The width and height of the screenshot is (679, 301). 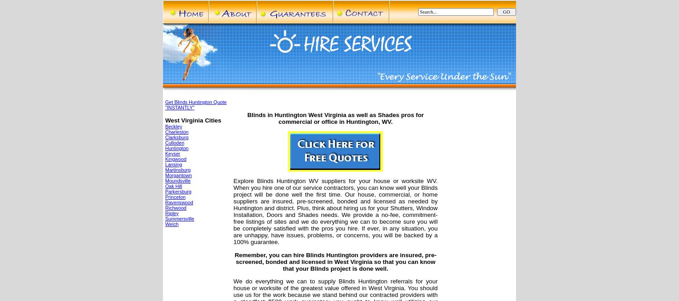 I want to click on 'Summersville', so click(x=179, y=218).